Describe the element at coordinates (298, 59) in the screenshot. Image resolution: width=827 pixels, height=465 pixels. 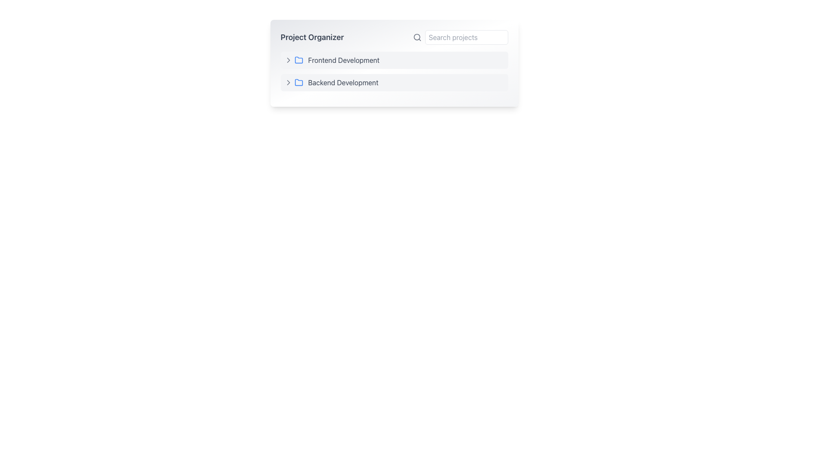
I see `the blue folder icon associated with 'Frontend Development' in the project category list` at that location.